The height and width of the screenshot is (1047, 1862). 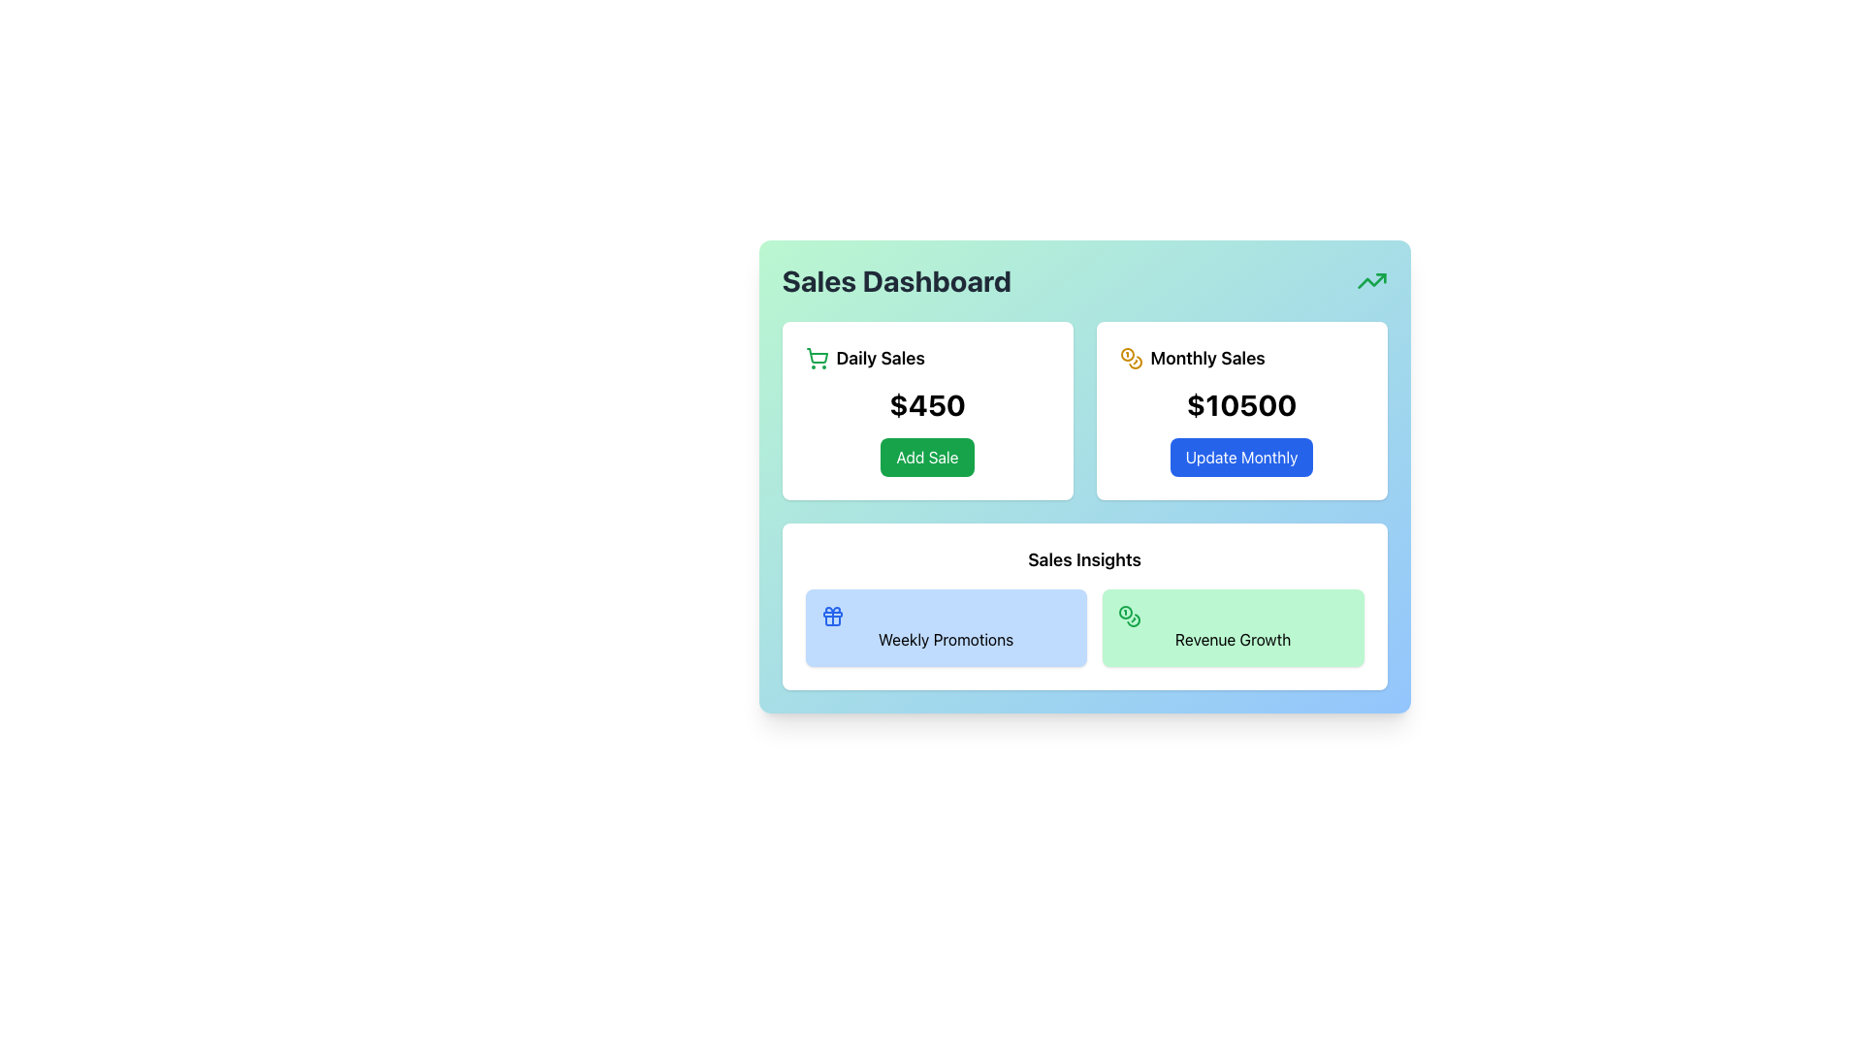 What do you see at coordinates (817, 356) in the screenshot?
I see `the shopping cart icon located in the header of the 'Daily Sales' card within the 'Sales Dashboard' section` at bounding box center [817, 356].